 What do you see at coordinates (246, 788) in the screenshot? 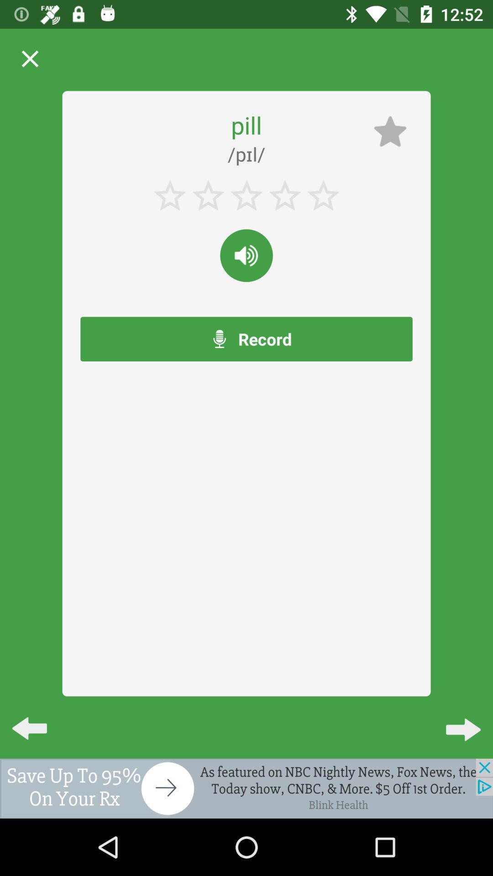
I see `screen button` at bounding box center [246, 788].